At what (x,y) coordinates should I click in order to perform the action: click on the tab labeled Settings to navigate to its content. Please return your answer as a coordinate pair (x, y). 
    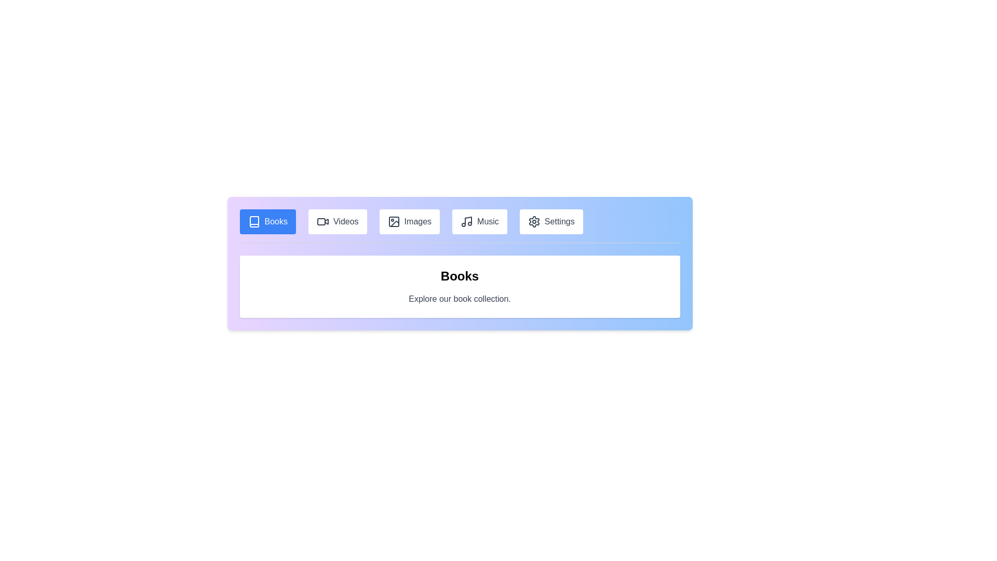
    Looking at the image, I should click on (550, 221).